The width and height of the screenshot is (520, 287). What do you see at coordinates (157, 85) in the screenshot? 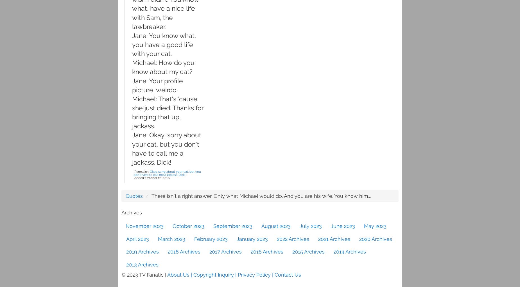
I see `'Jane: Your profile picture, weirdo.'` at bounding box center [157, 85].